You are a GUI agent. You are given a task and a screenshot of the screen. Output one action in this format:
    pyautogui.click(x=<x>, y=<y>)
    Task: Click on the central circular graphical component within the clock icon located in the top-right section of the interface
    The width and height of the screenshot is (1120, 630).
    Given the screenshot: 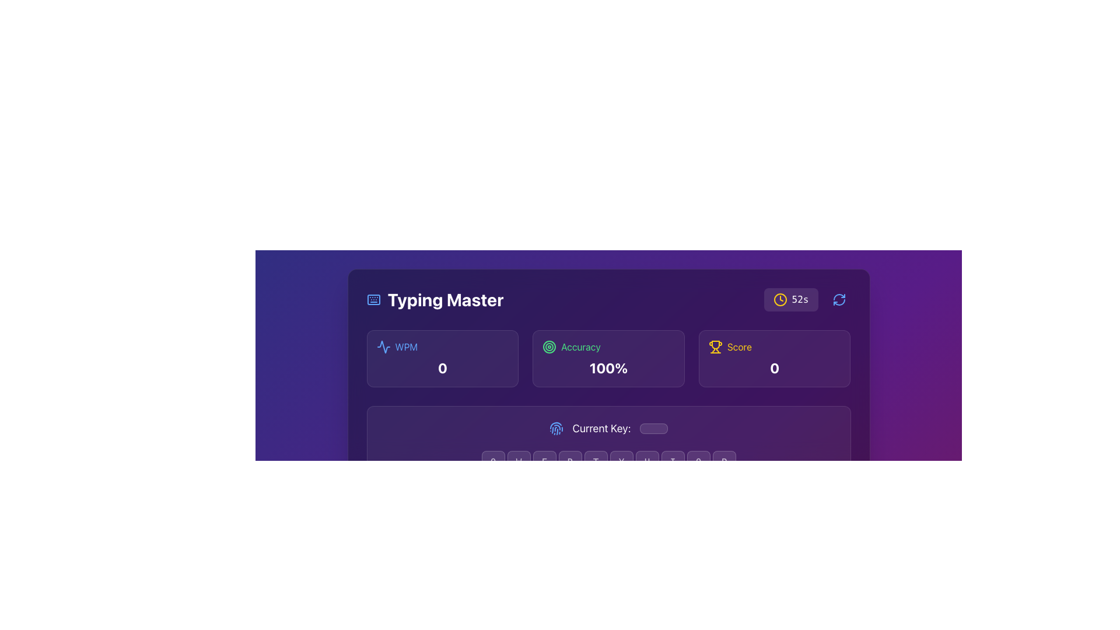 What is the action you would take?
    pyautogui.click(x=780, y=299)
    